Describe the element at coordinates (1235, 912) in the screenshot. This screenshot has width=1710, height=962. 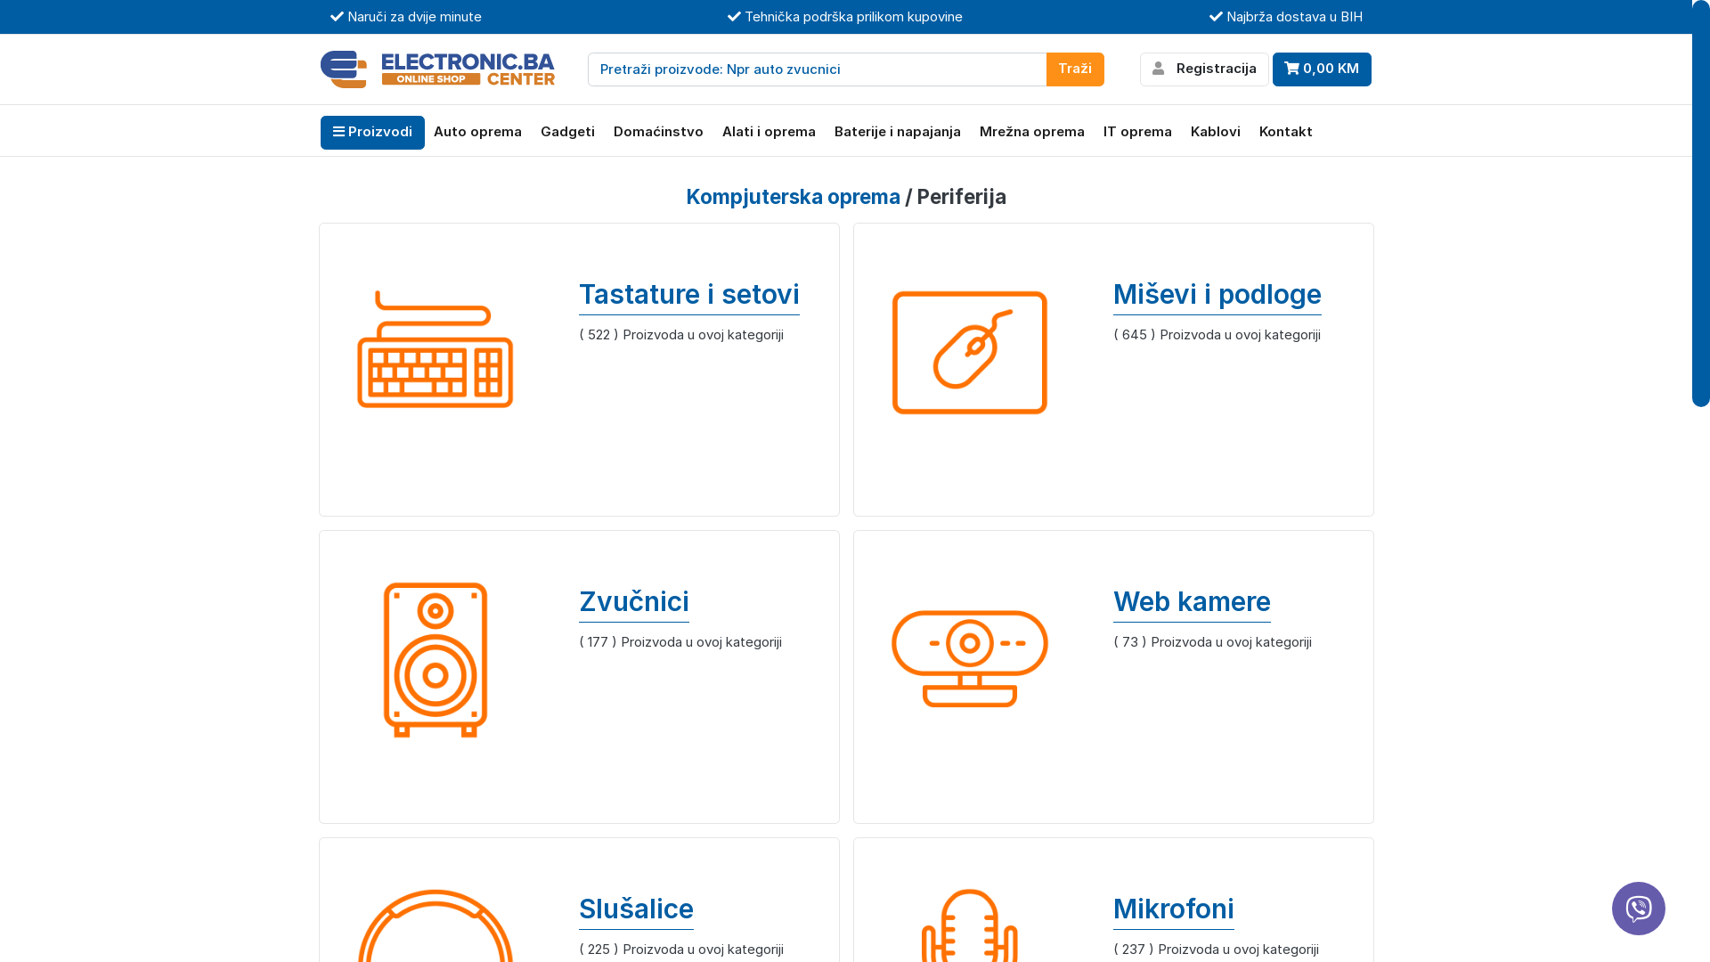
I see `'Mikrofoni'` at that location.